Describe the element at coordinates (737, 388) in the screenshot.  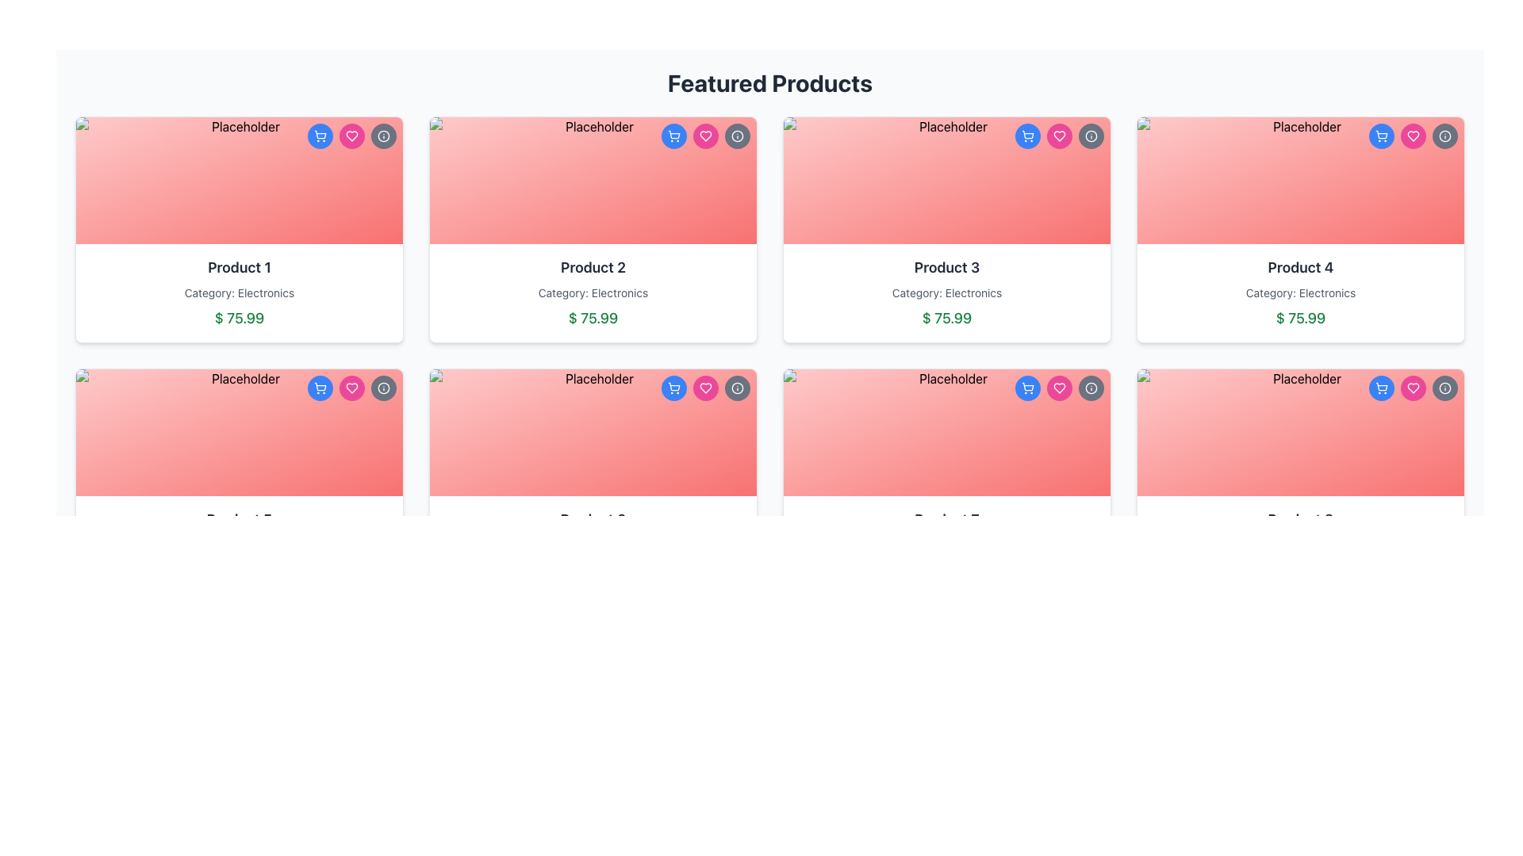
I see `the outermost circular border of the informational icon at the top-right corner of the 'Product 2' card` at that location.